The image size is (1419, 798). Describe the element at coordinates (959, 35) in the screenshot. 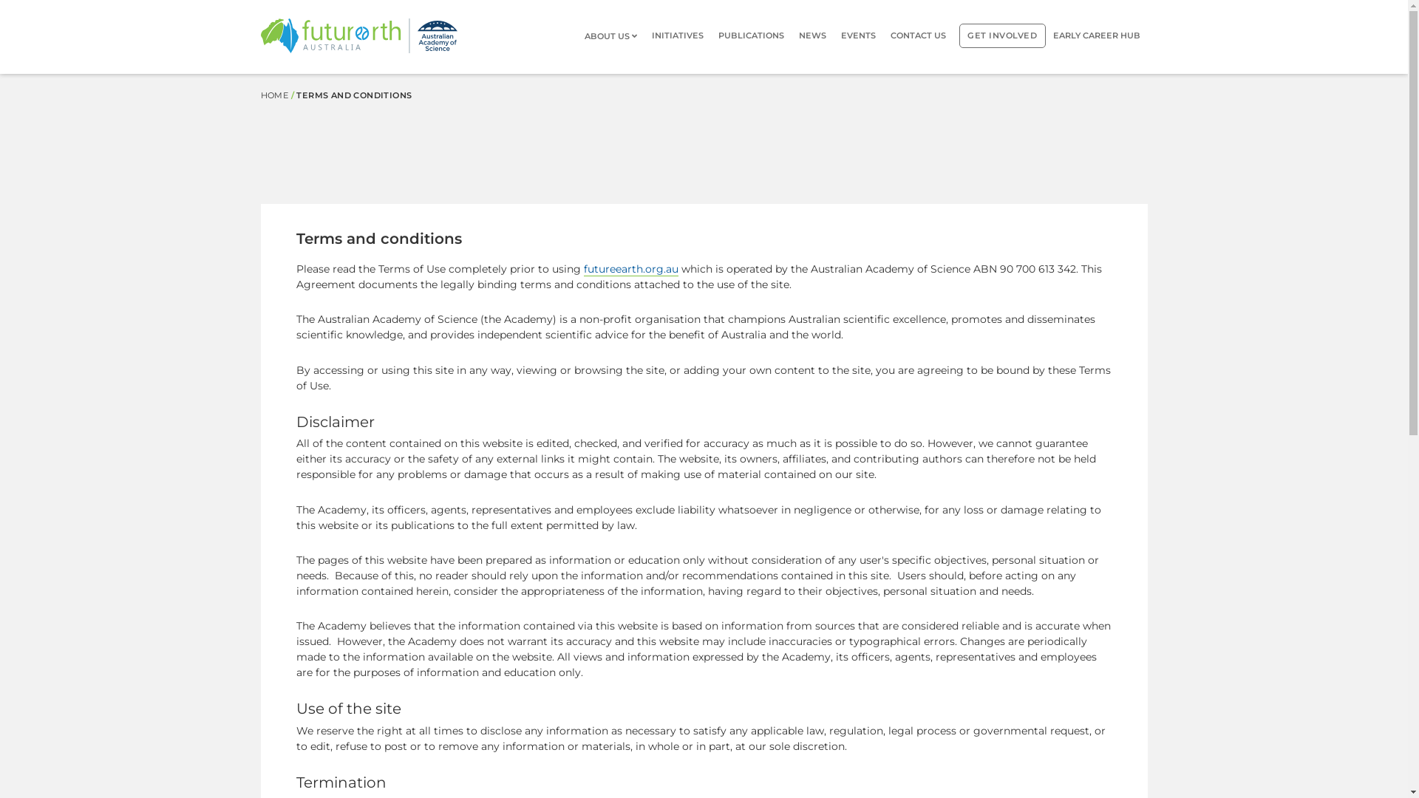

I see `'GET INVOLVED'` at that location.